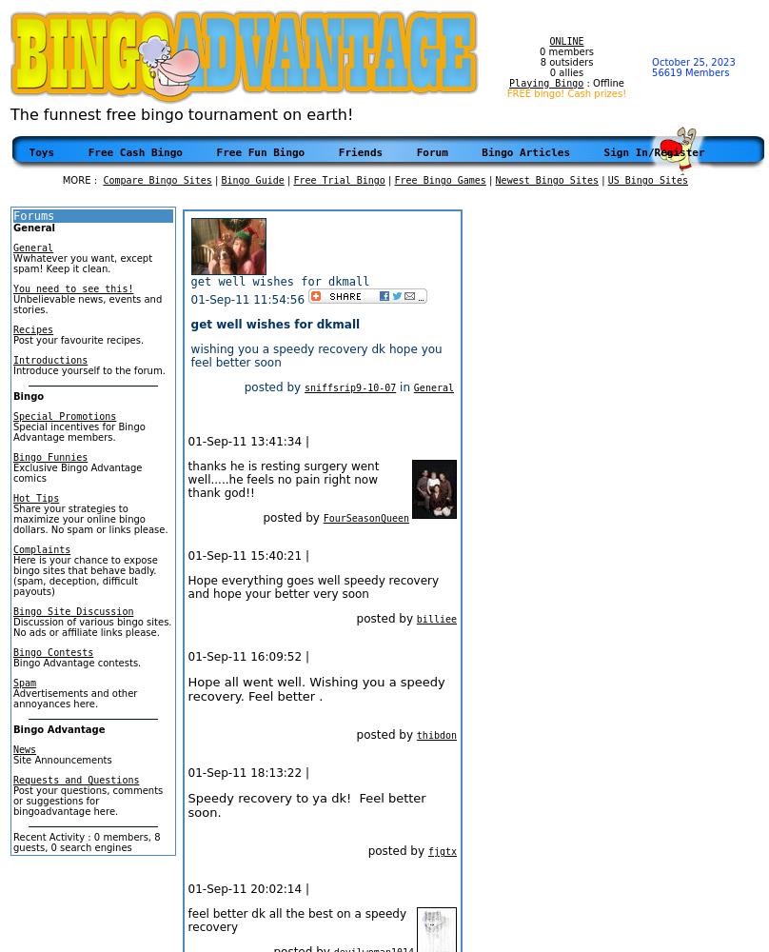 The height and width of the screenshot is (952, 769). Describe the element at coordinates (50, 456) in the screenshot. I see `'Bingo Funnies'` at that location.